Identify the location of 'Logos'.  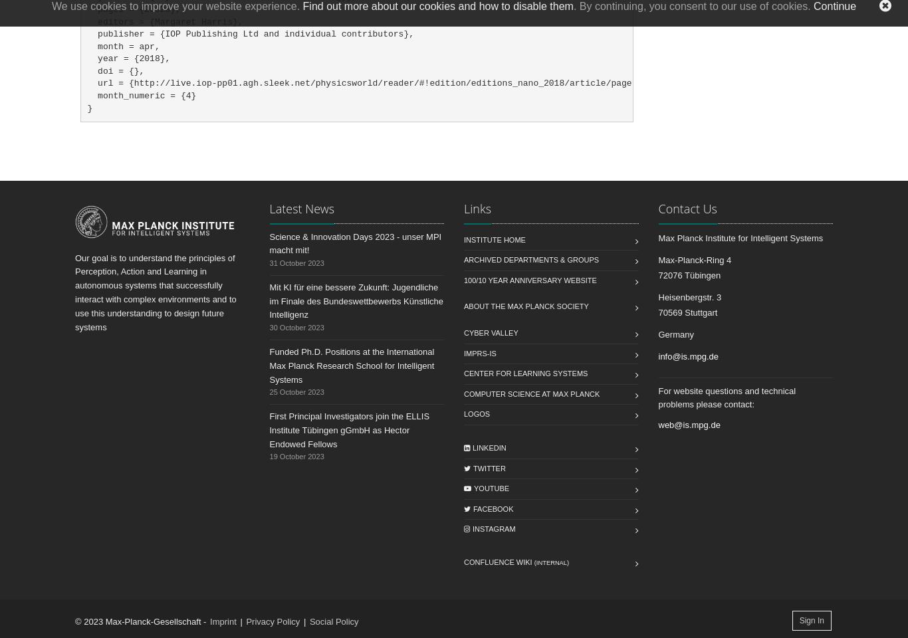
(464, 413).